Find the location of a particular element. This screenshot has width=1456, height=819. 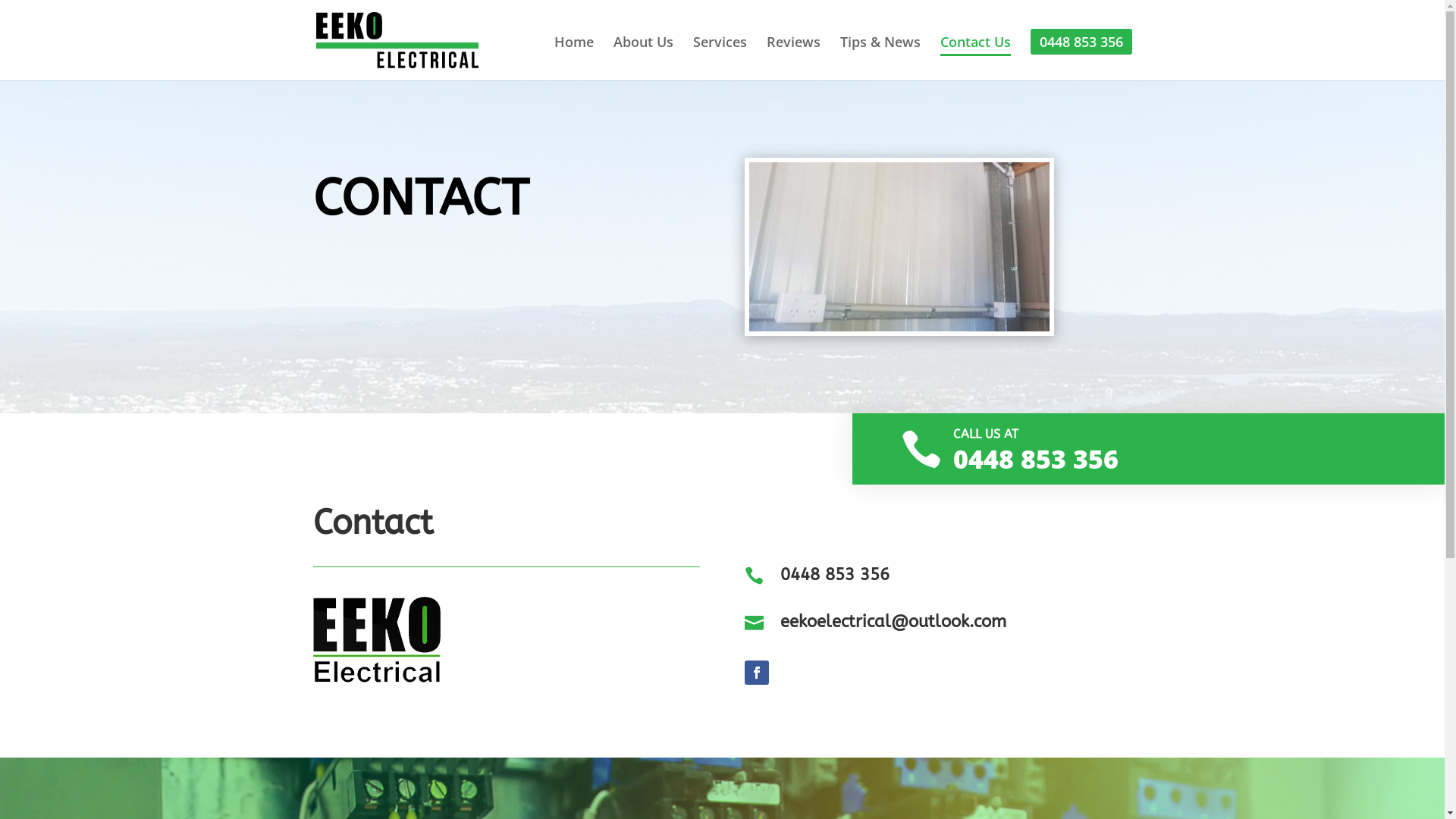

'eekoelectrical@outlook.com' is located at coordinates (893, 622).